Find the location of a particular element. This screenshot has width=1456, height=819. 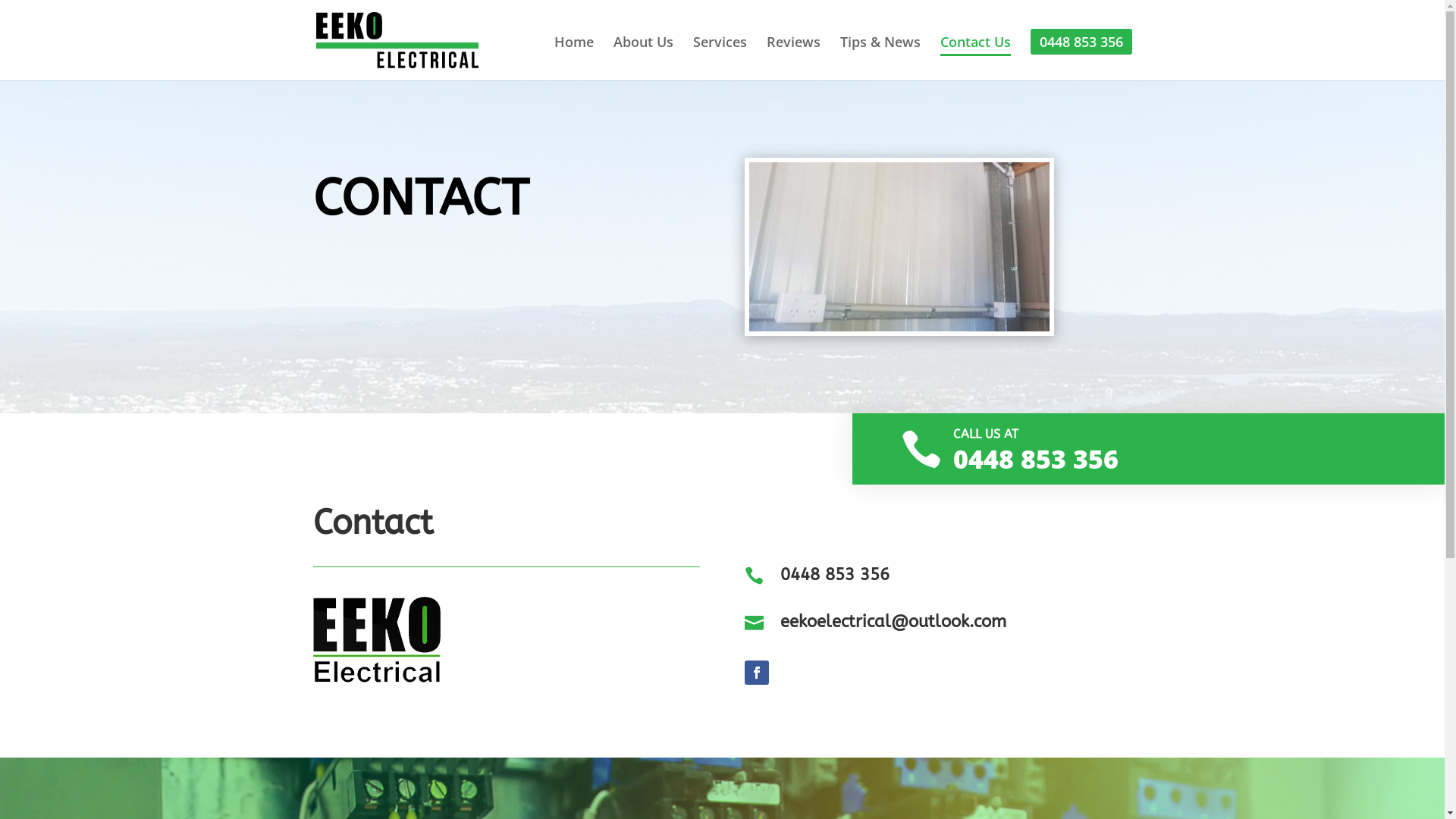

'eekoelectrical@outlook.com' is located at coordinates (893, 622).